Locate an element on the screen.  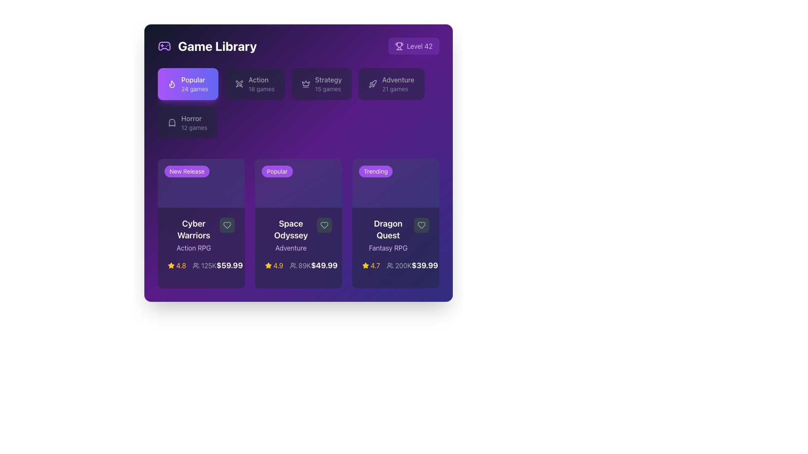
text 'Dragon Quest' and 'Fantasy RPG' from the main text display component in the third game card located in the lower section of the interface is located at coordinates (395, 235).